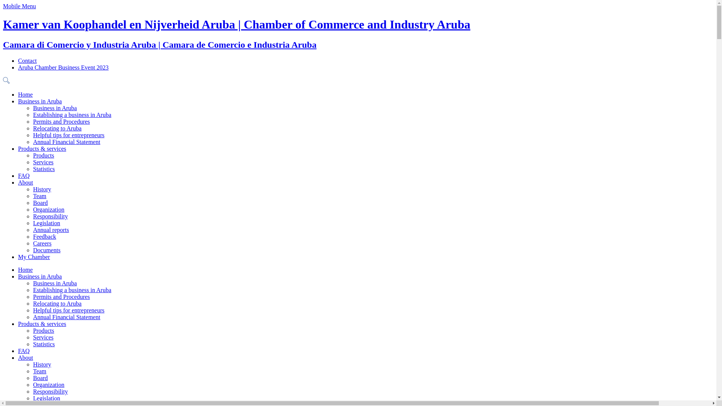 This screenshot has height=406, width=722. I want to click on 'Mobile Menu', so click(3, 6).